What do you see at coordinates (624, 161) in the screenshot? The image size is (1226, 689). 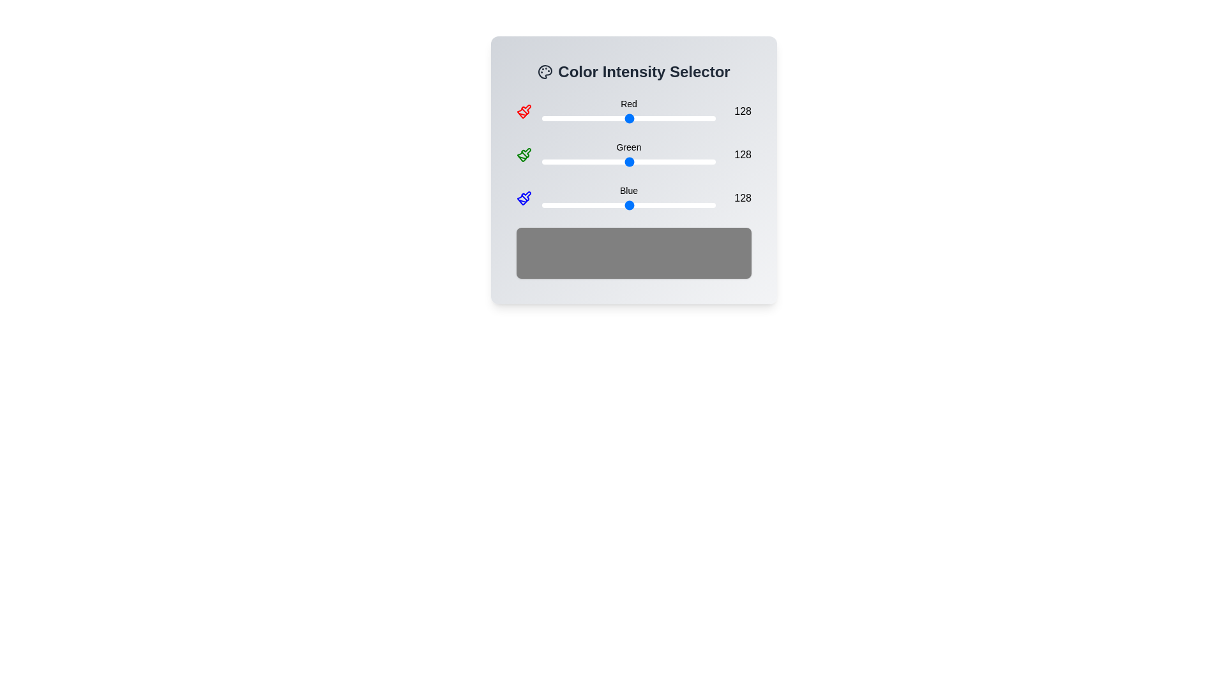 I see `the green intensity` at bounding box center [624, 161].